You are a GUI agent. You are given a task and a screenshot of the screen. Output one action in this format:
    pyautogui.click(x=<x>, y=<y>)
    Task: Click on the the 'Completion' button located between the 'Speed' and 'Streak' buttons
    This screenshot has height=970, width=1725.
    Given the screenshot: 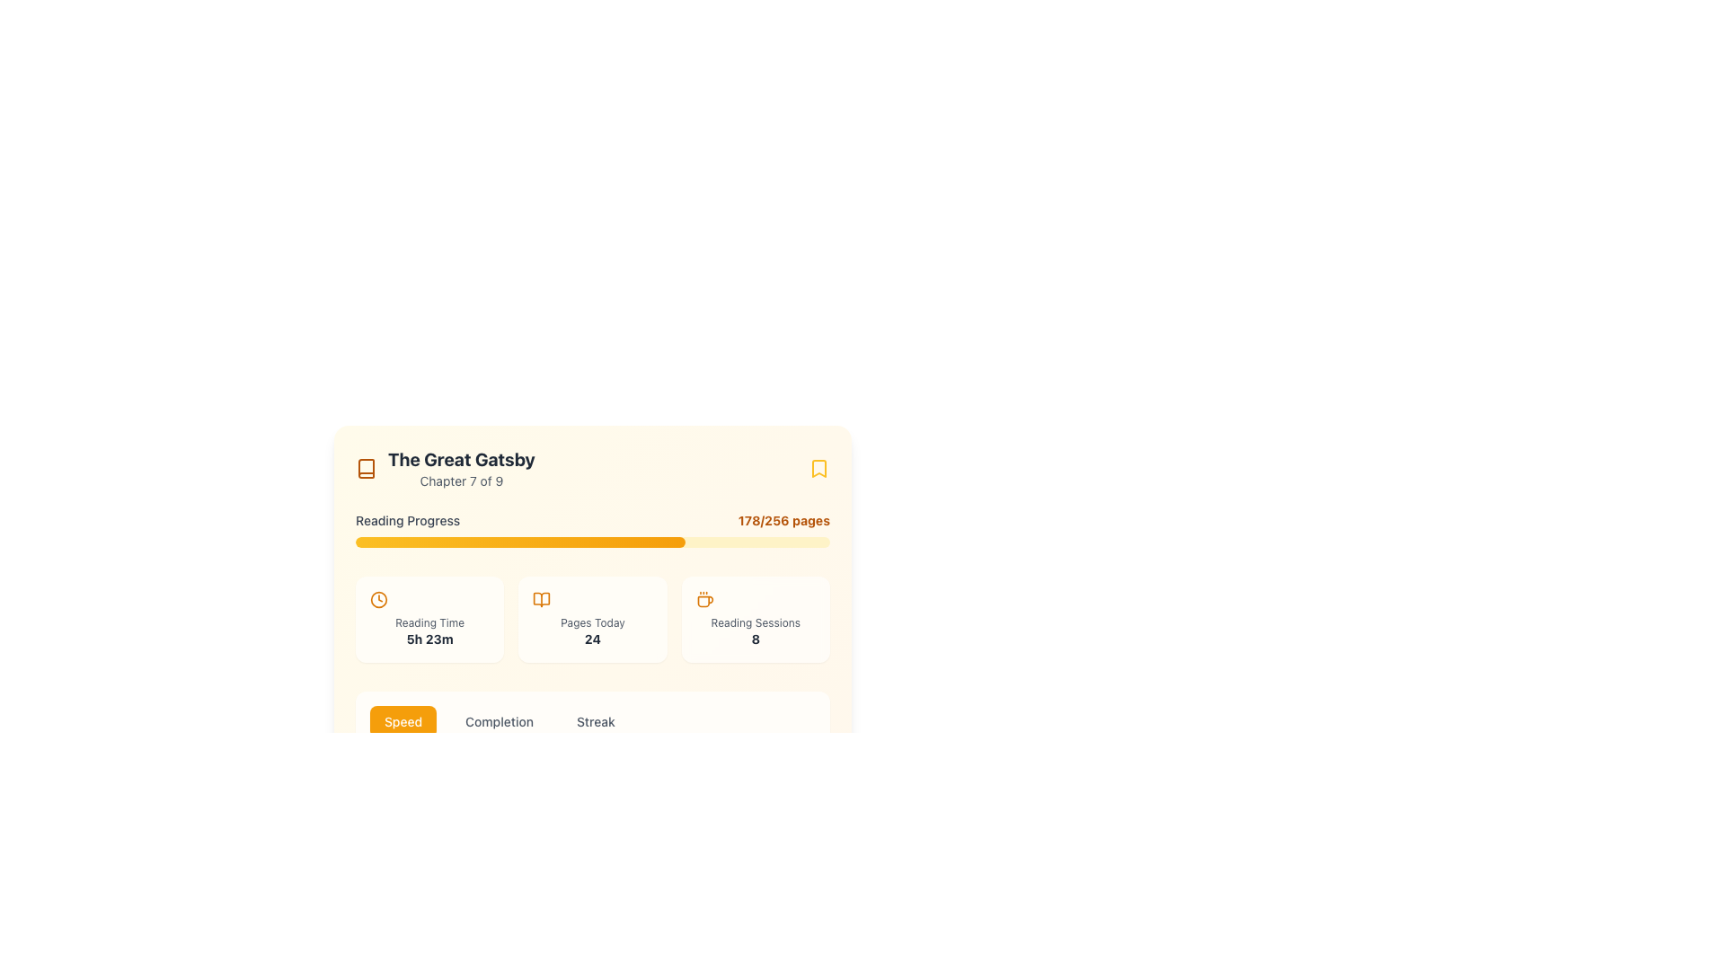 What is the action you would take?
    pyautogui.click(x=500, y=720)
    